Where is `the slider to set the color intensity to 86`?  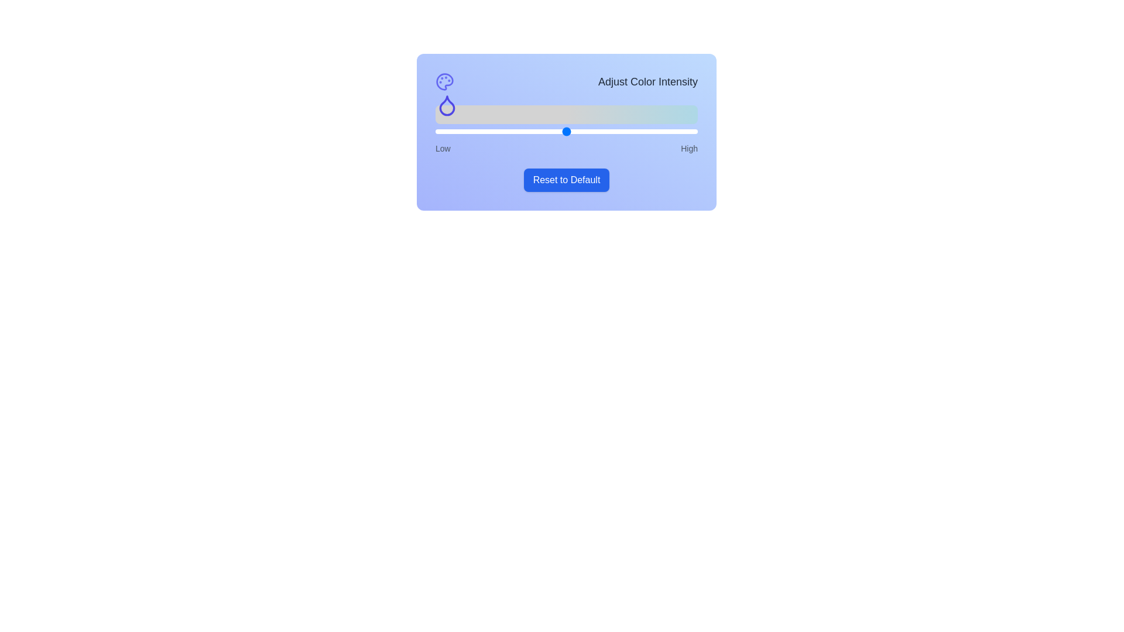
the slider to set the color intensity to 86 is located at coordinates (661, 131).